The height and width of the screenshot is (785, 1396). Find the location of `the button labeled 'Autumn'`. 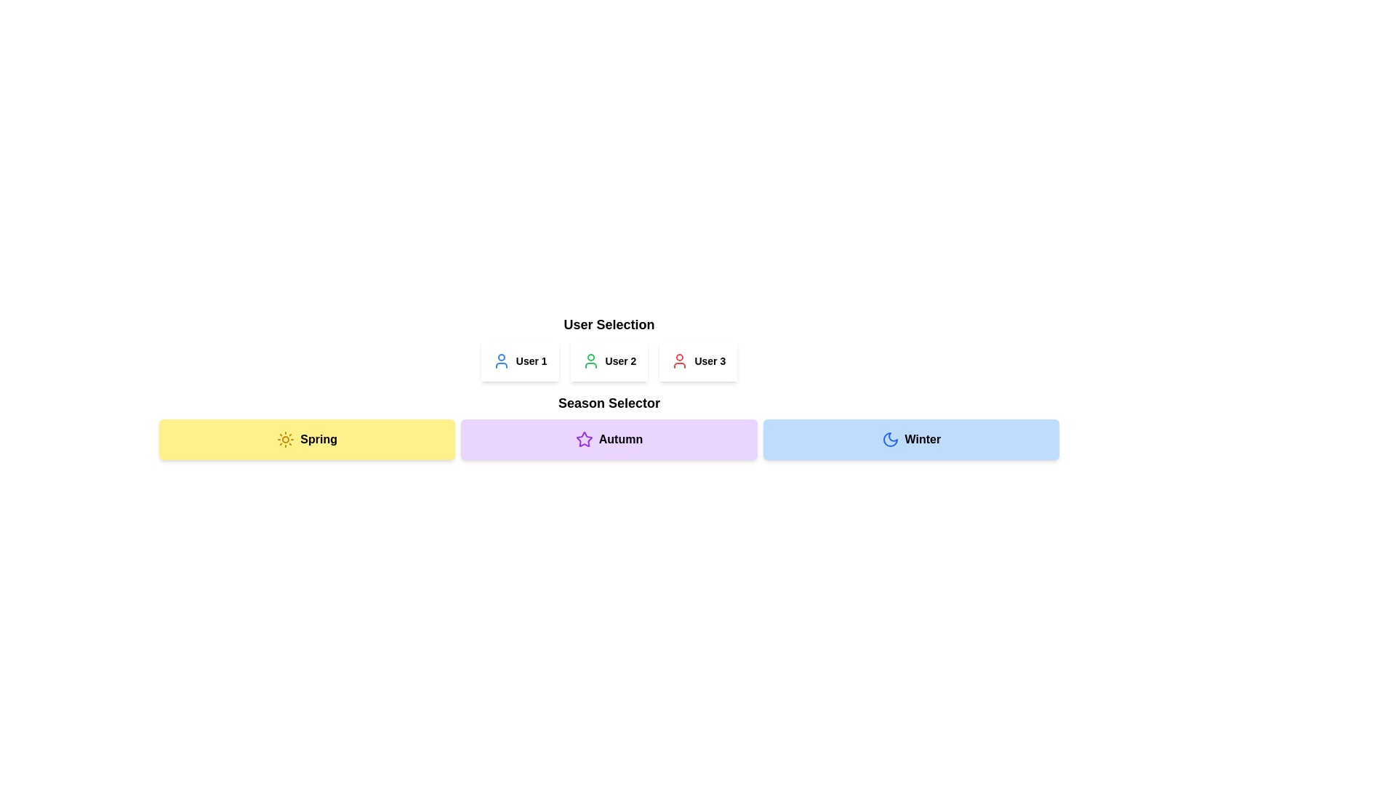

the button labeled 'Autumn' is located at coordinates (609, 439).